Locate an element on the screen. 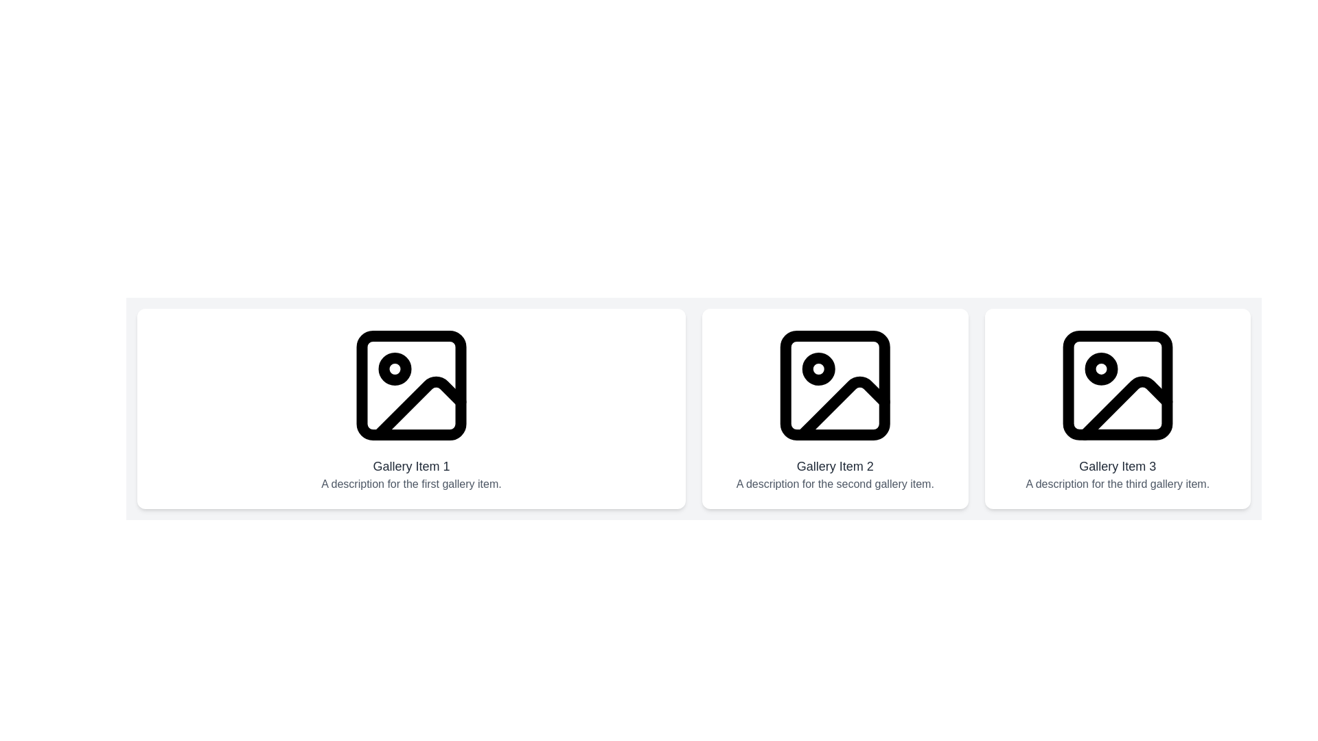  the text block displaying 'Gallery Item 3' which consists of a bolded title and a smaller description, located in the third gallery card of the rightmost column is located at coordinates (1118, 473).